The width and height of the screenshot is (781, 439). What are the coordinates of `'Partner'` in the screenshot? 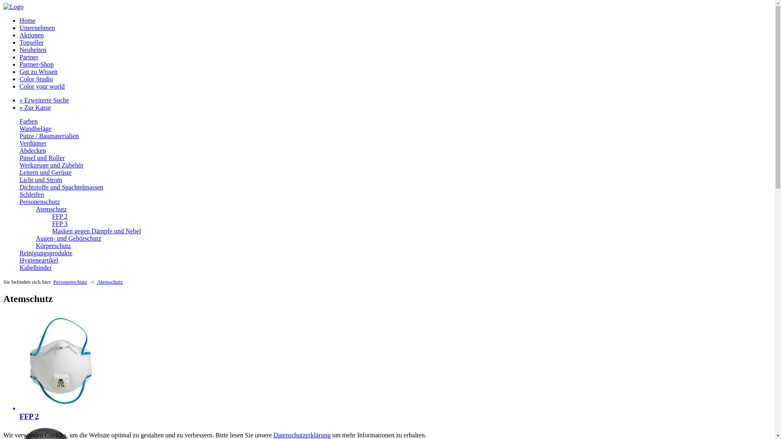 It's located at (29, 57).